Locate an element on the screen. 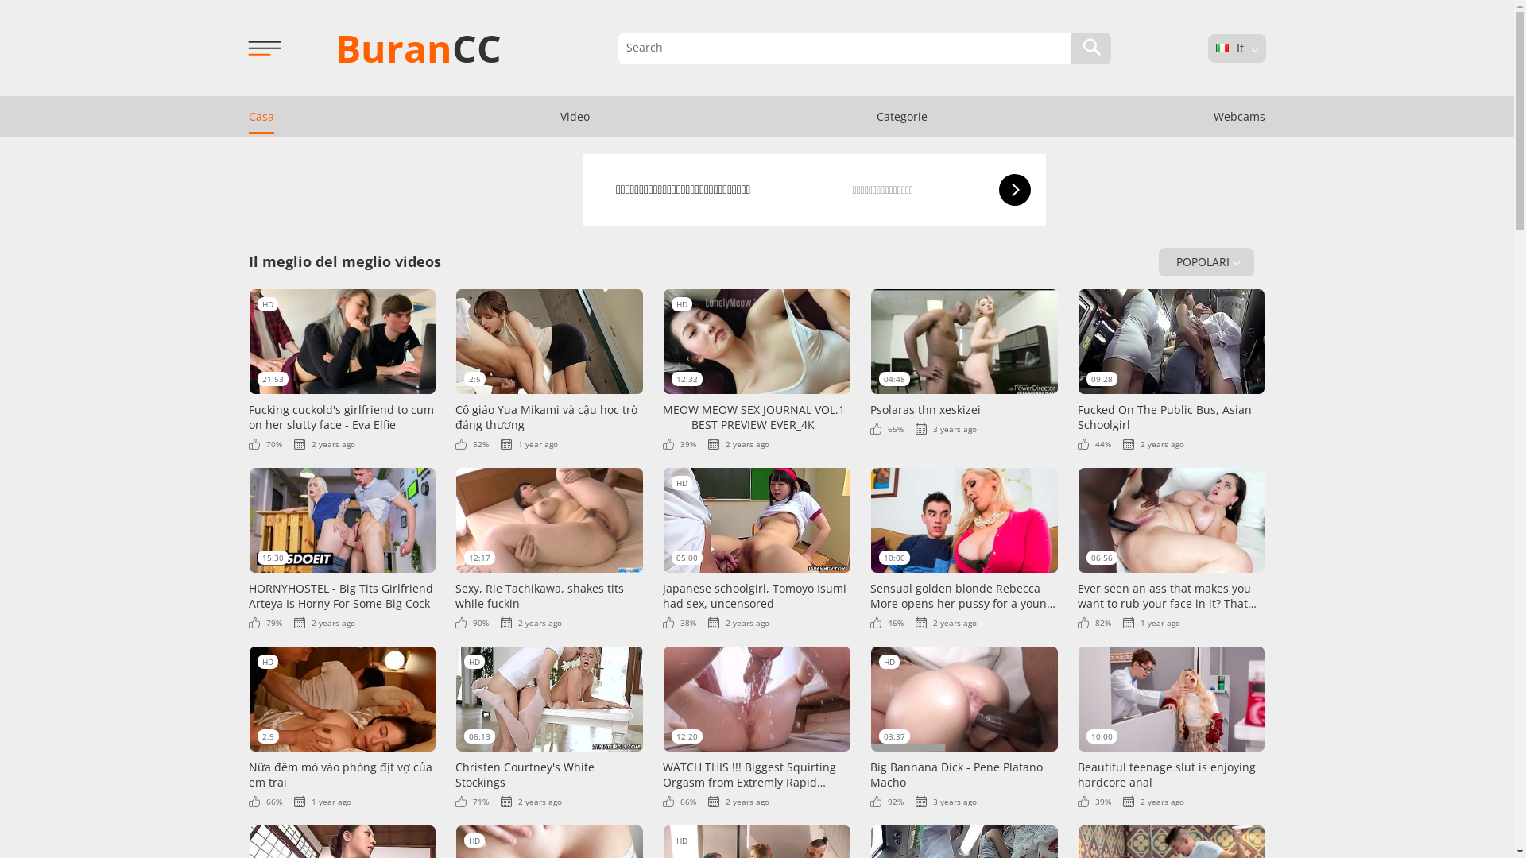 The image size is (1526, 858). '04:48 is located at coordinates (963, 361).